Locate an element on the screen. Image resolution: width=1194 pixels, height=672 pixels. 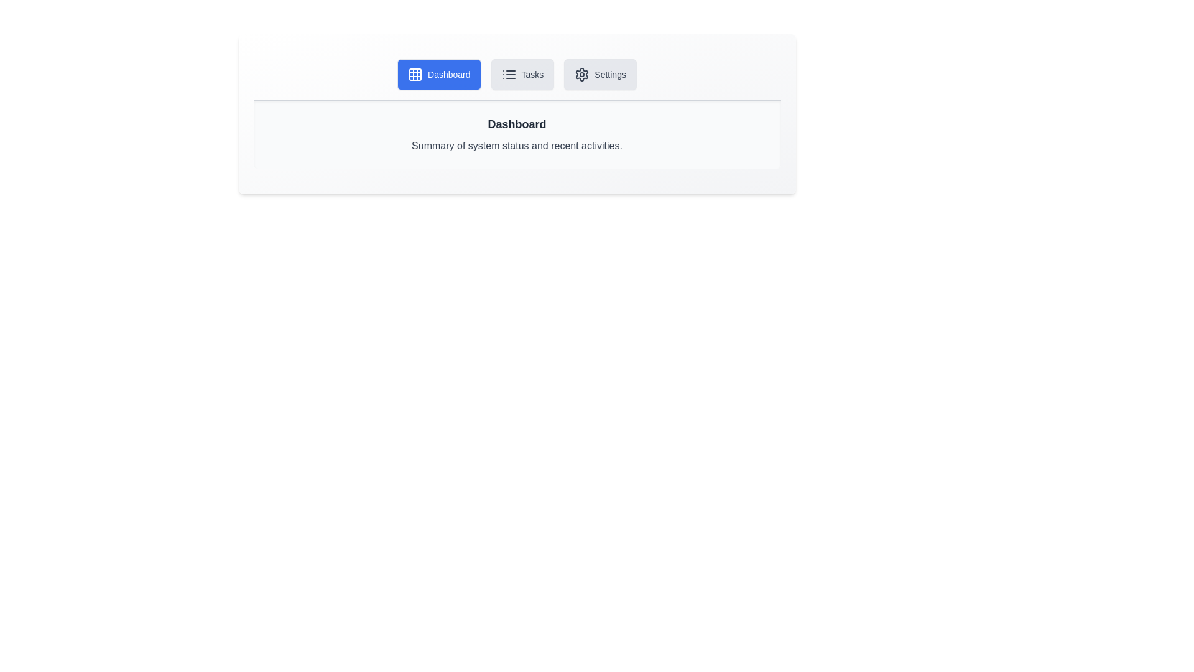
the Settings tab is located at coordinates (600, 74).